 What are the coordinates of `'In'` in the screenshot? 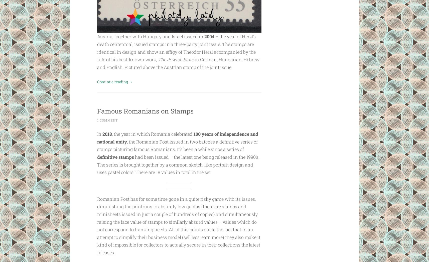 It's located at (99, 134).